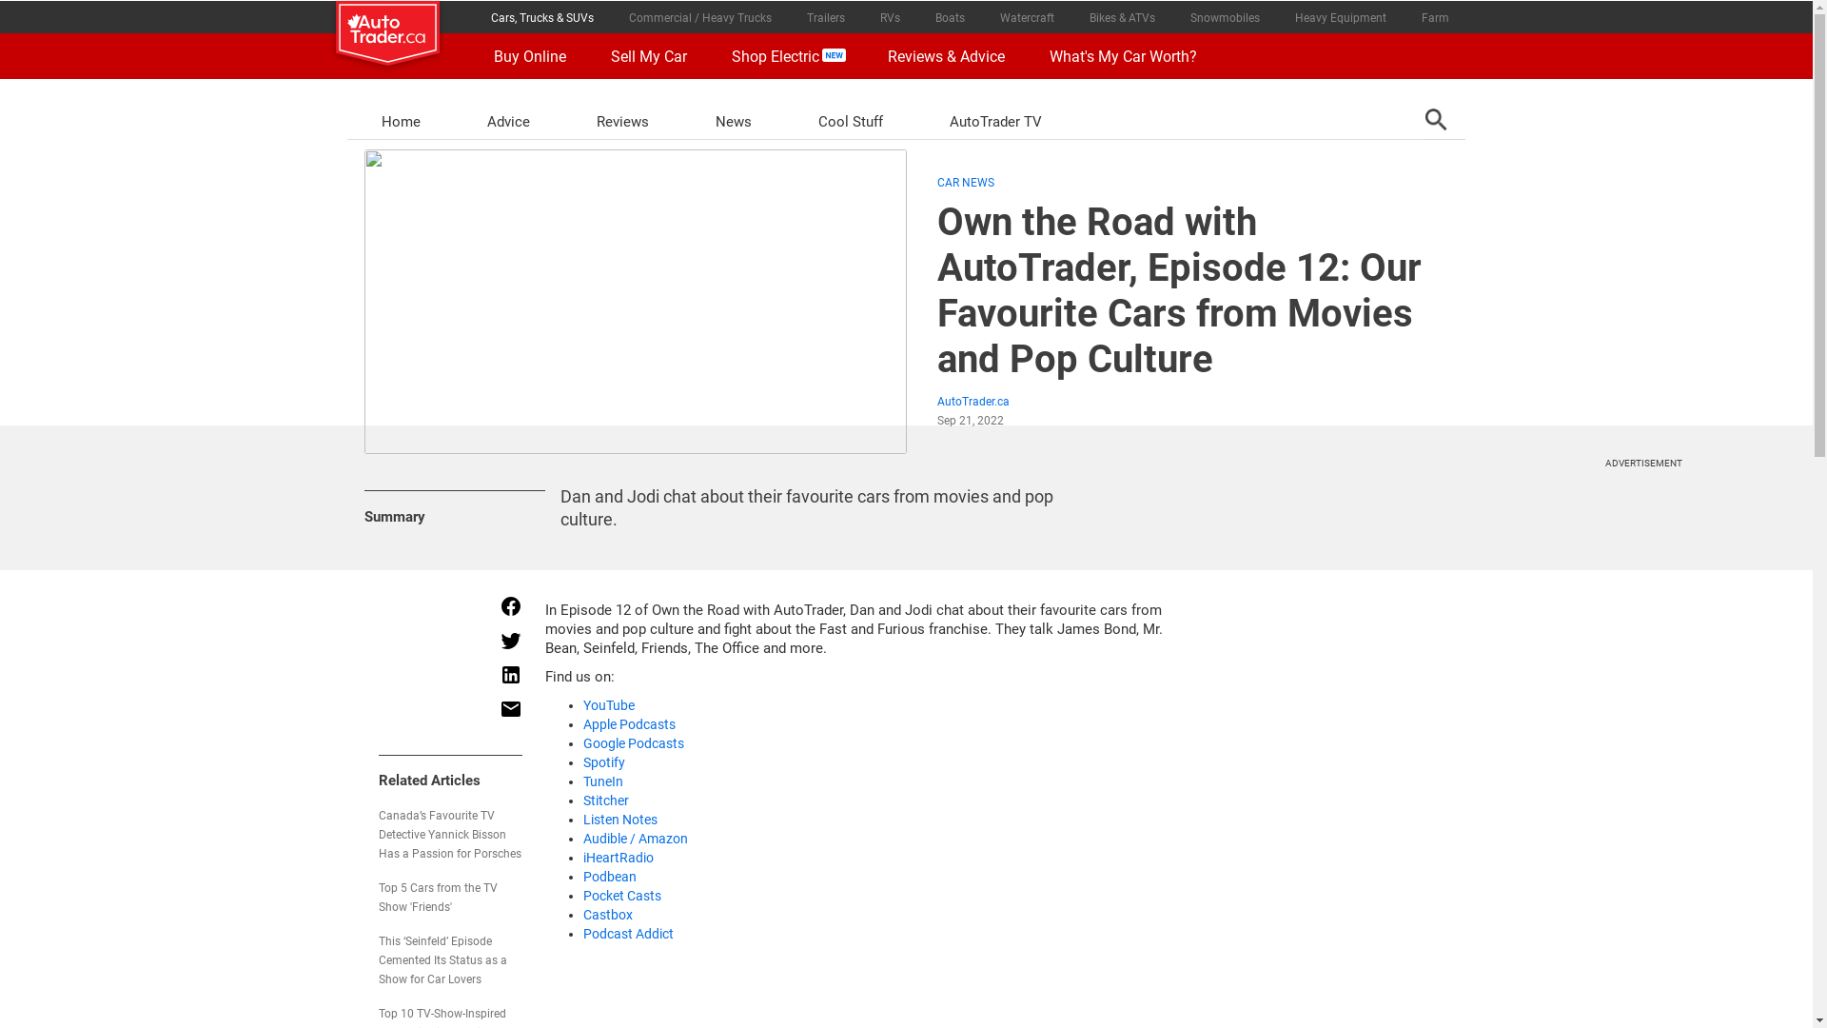  Describe the element at coordinates (994, 121) in the screenshot. I see `'AutoTrader TV'` at that location.